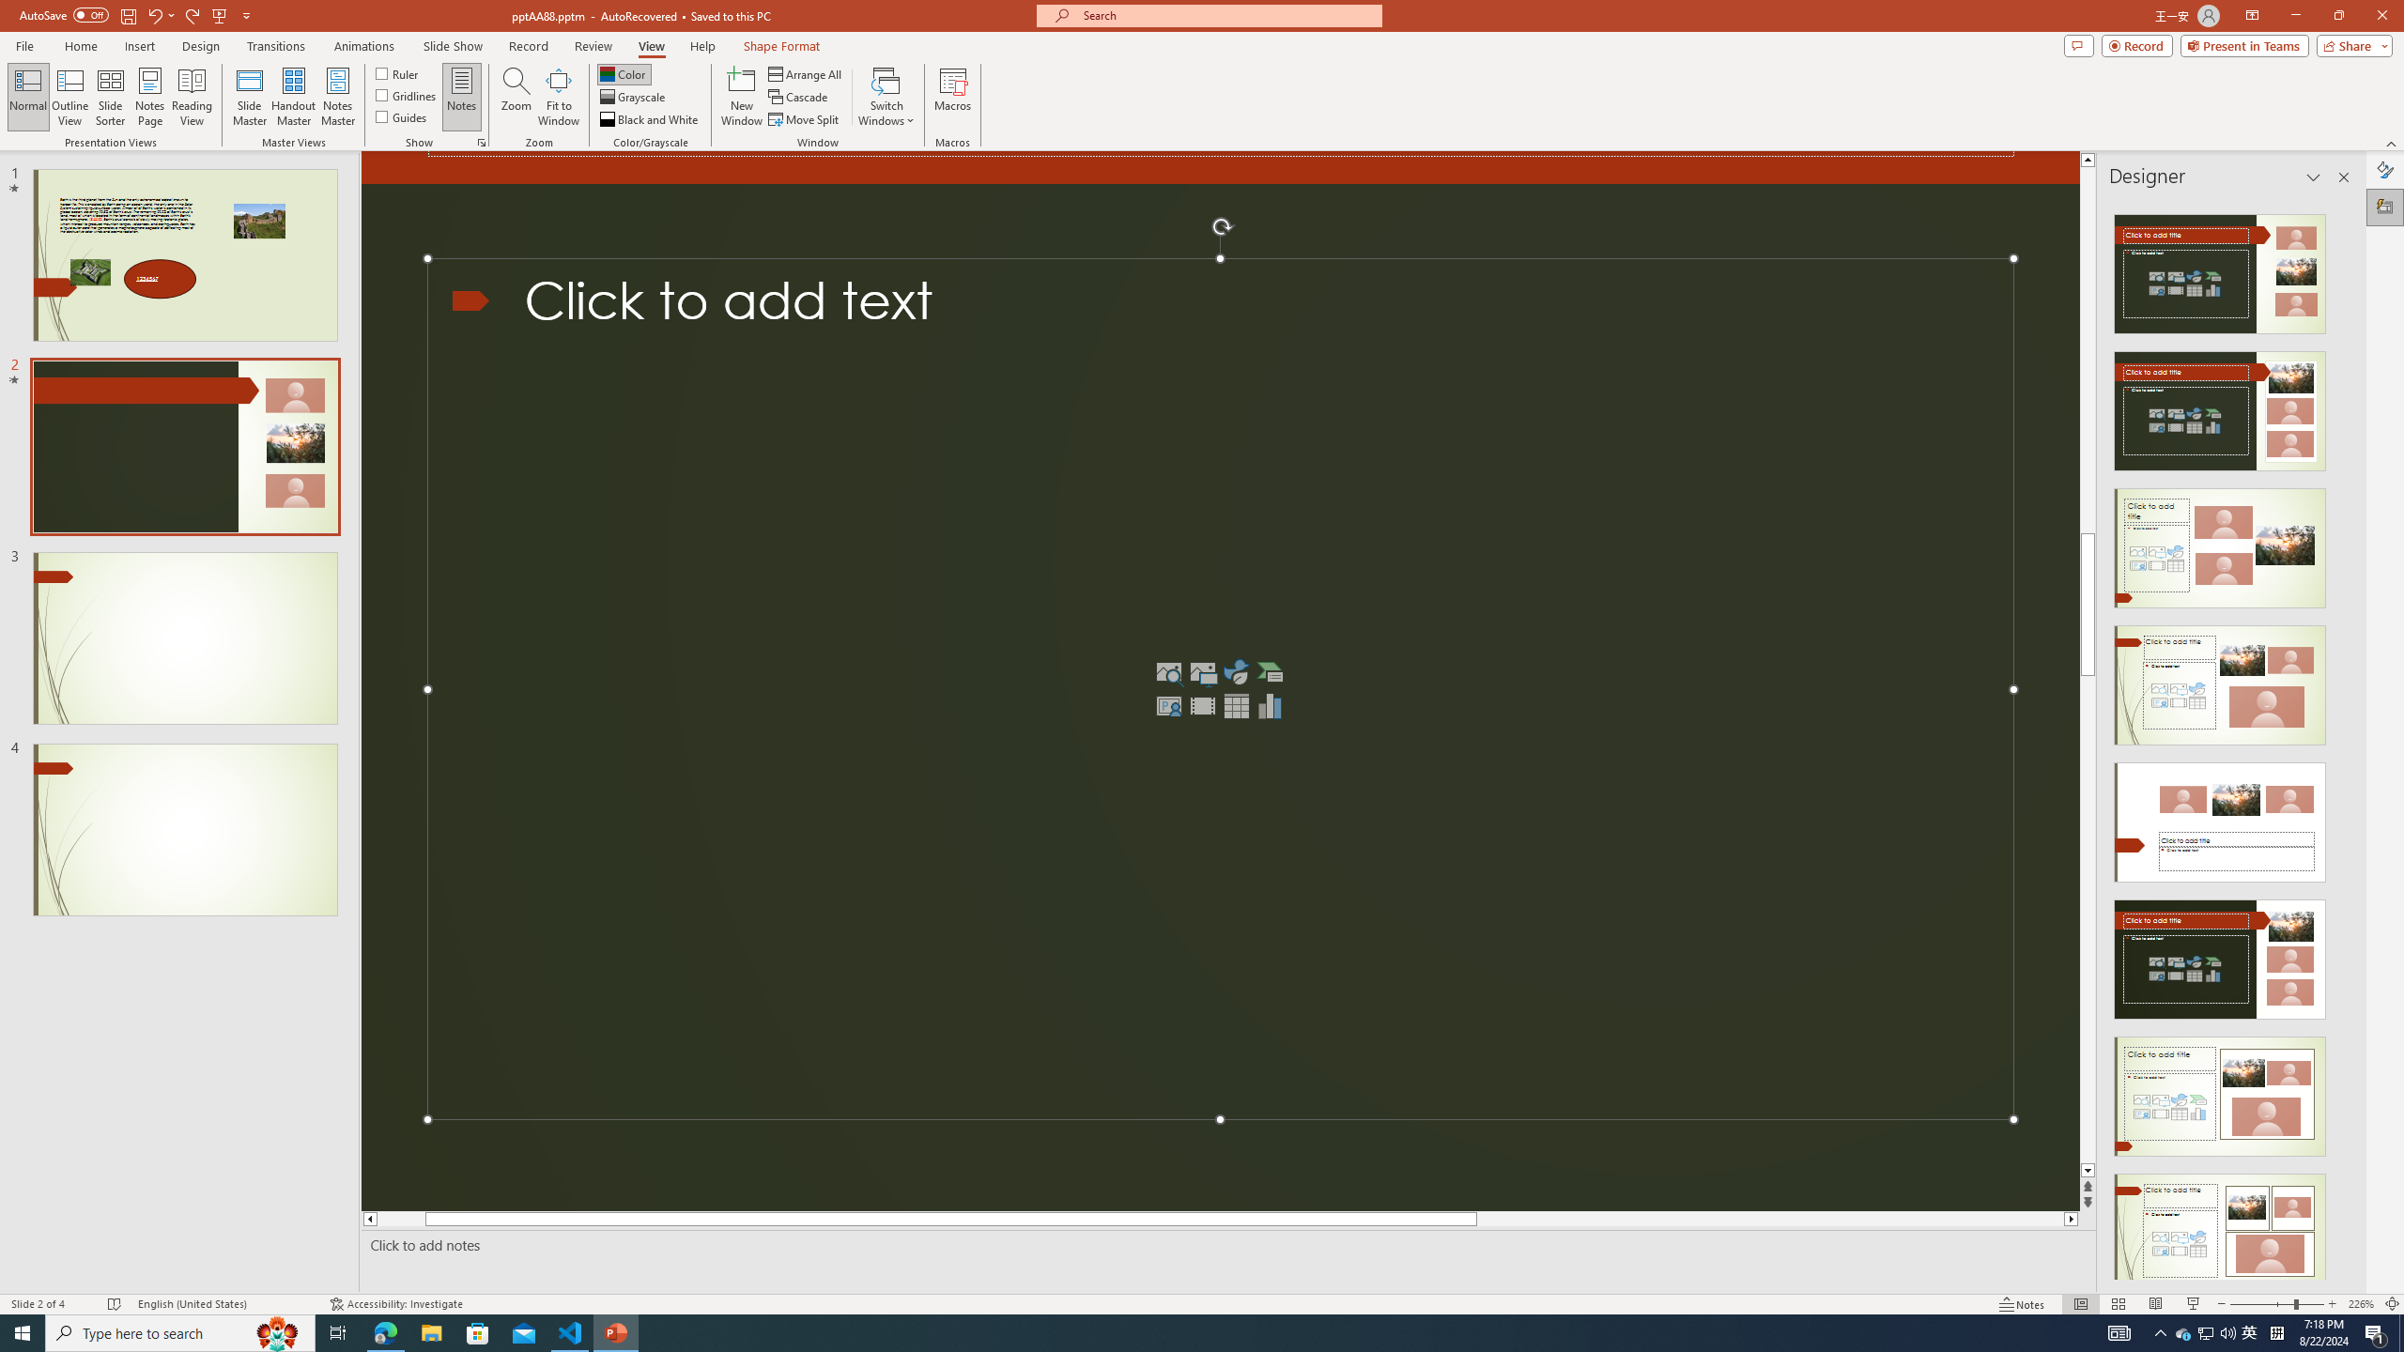  Describe the element at coordinates (1236, 704) in the screenshot. I see `'Insert Table'` at that location.